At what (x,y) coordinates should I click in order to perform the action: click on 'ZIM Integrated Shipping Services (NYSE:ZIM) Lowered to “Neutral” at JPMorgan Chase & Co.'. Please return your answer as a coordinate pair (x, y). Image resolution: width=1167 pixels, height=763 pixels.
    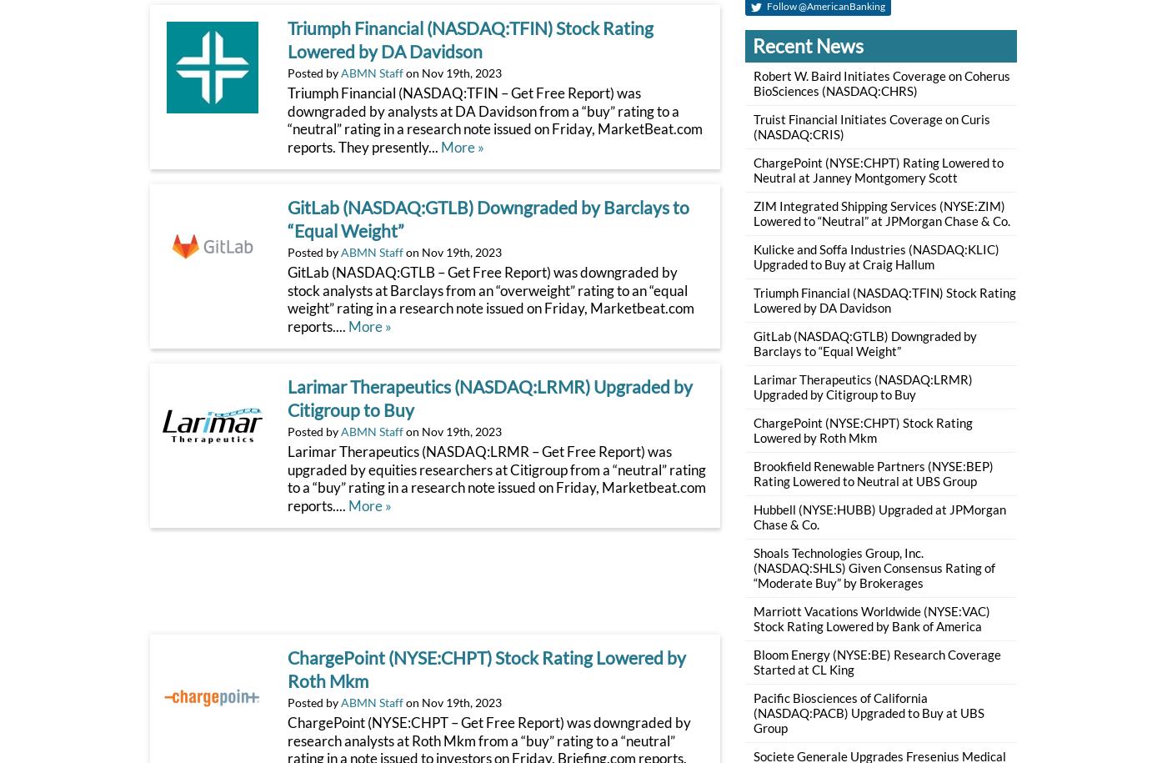
    Looking at the image, I should click on (881, 213).